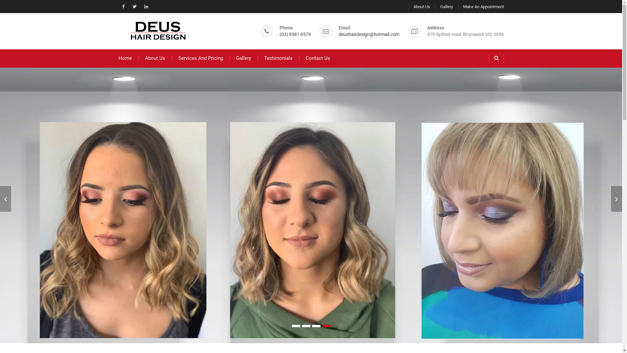  I want to click on 'Home', so click(125, 58).